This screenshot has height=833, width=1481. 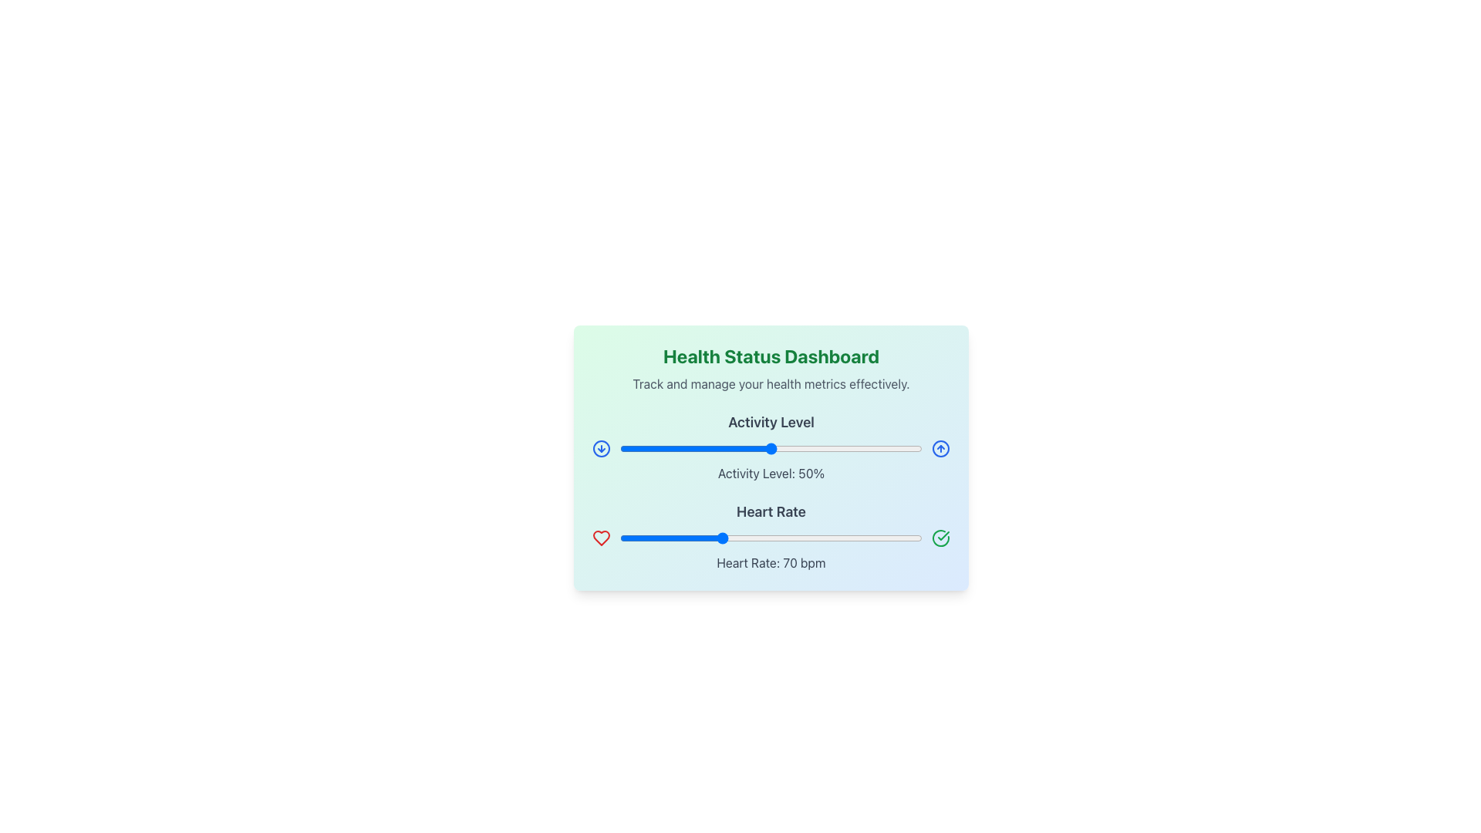 What do you see at coordinates (943, 535) in the screenshot?
I see `the small checkmark icon within a green circular background located at the bottom-right corner of the health dashboard` at bounding box center [943, 535].